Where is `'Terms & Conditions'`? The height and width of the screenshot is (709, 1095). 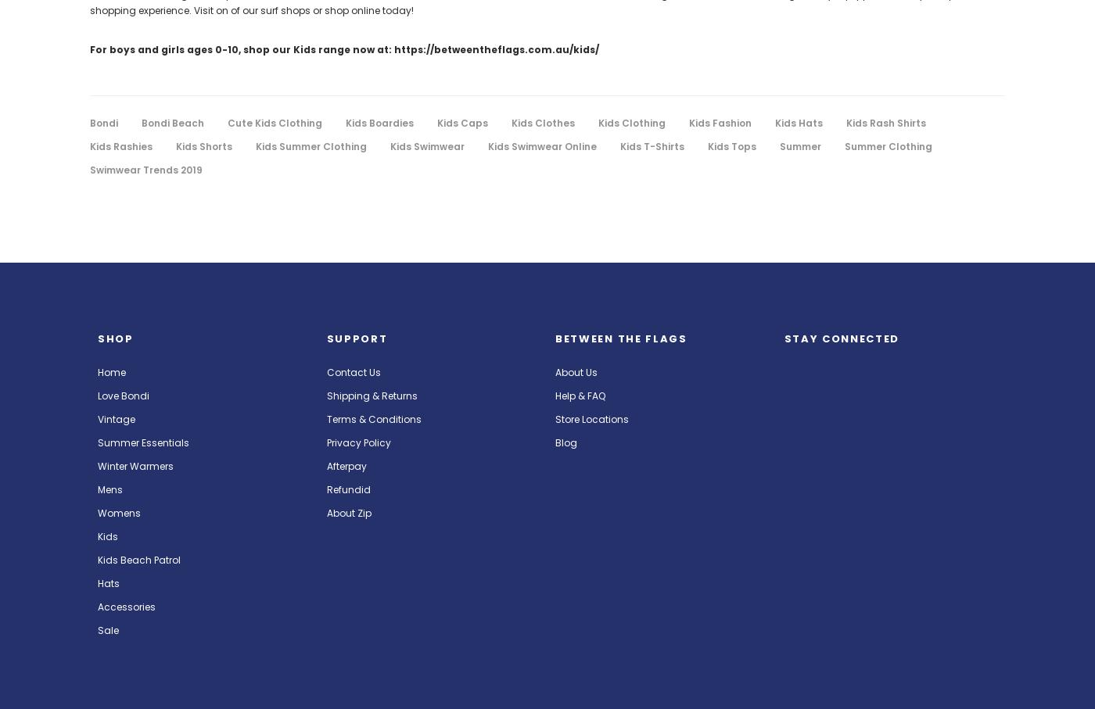
'Terms & Conditions' is located at coordinates (372, 418).